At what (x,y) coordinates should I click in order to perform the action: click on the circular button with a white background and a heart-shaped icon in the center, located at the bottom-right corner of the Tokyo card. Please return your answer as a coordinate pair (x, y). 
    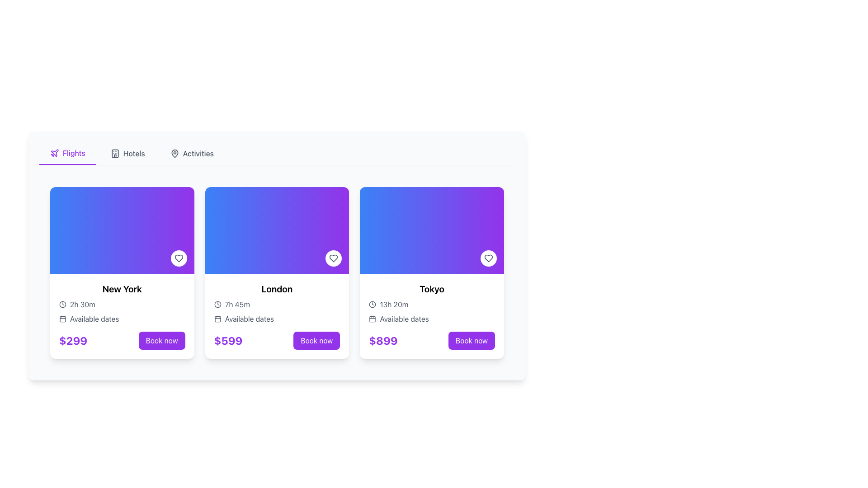
    Looking at the image, I should click on (488, 258).